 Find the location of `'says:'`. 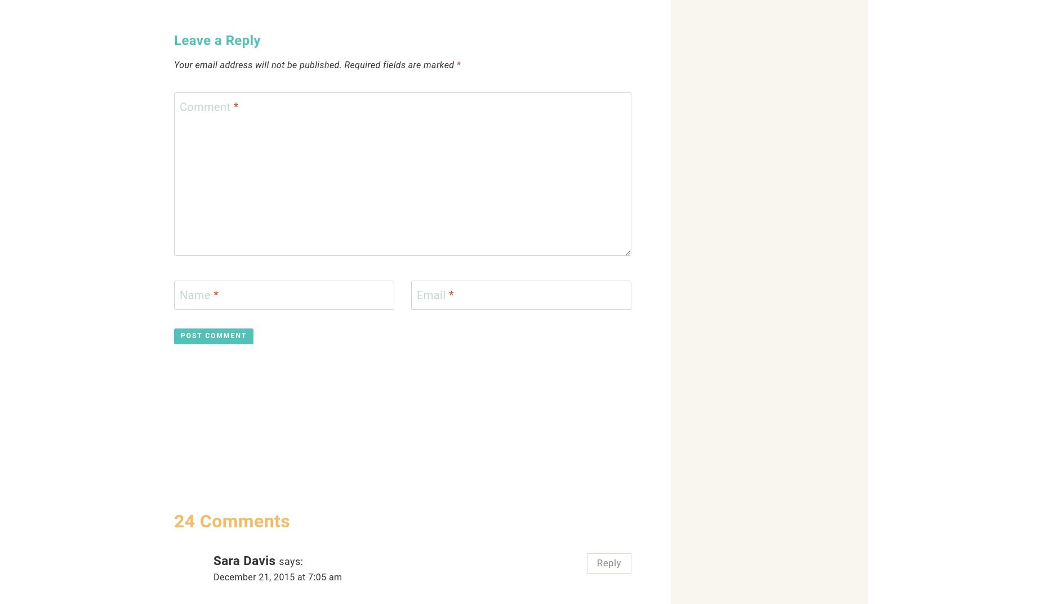

'says:' is located at coordinates (291, 561).